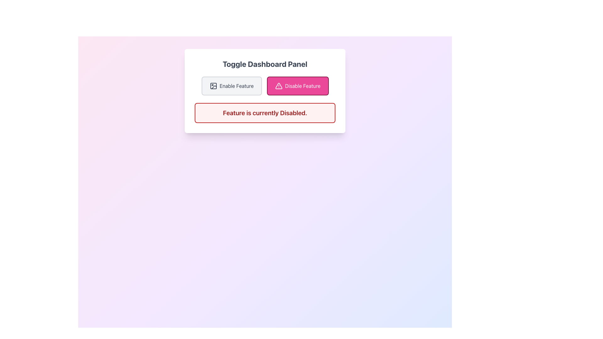 The height and width of the screenshot is (339, 603). What do you see at coordinates (265, 112) in the screenshot?
I see `the Notification Box that indicates a feature is currently disabled, located below the 'Enable Feature' and 'Disable Feature' buttons` at bounding box center [265, 112].